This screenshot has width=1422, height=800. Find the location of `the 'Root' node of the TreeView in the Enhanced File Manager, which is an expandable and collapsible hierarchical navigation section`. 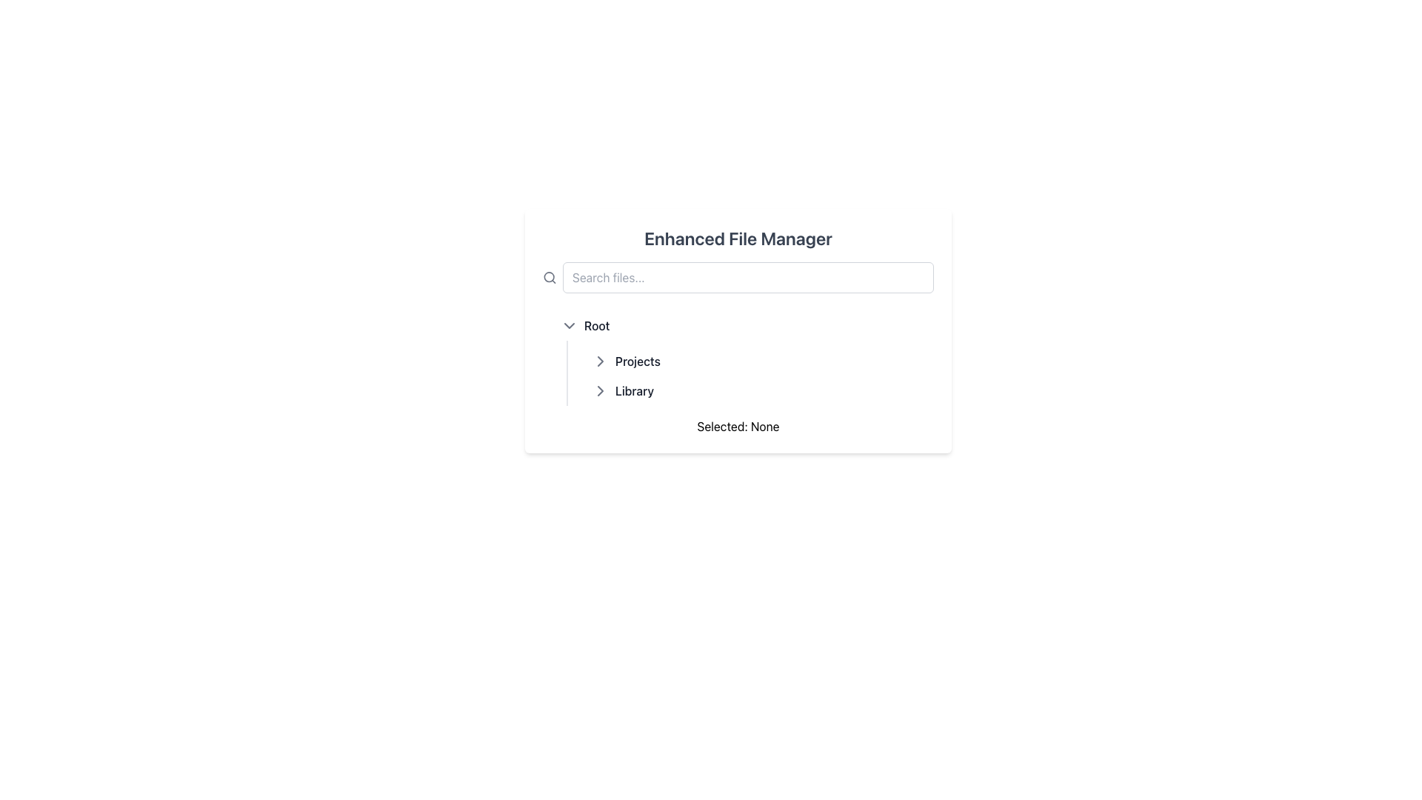

the 'Root' node of the TreeView in the Enhanced File Manager, which is an expandable and collapsible hierarchical navigation section is located at coordinates (738, 358).